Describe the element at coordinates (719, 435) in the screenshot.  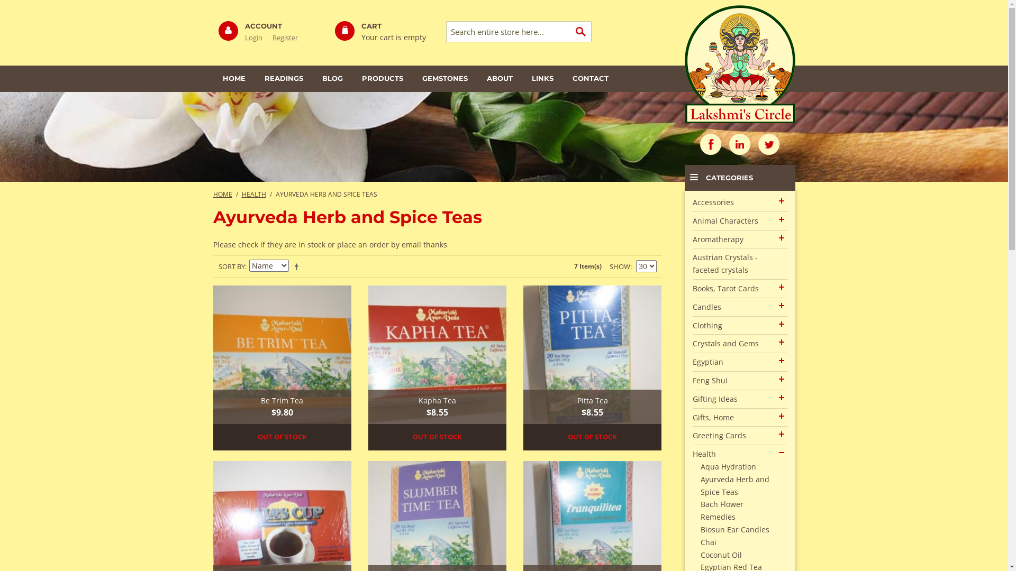
I see `'Greeting Cards'` at that location.